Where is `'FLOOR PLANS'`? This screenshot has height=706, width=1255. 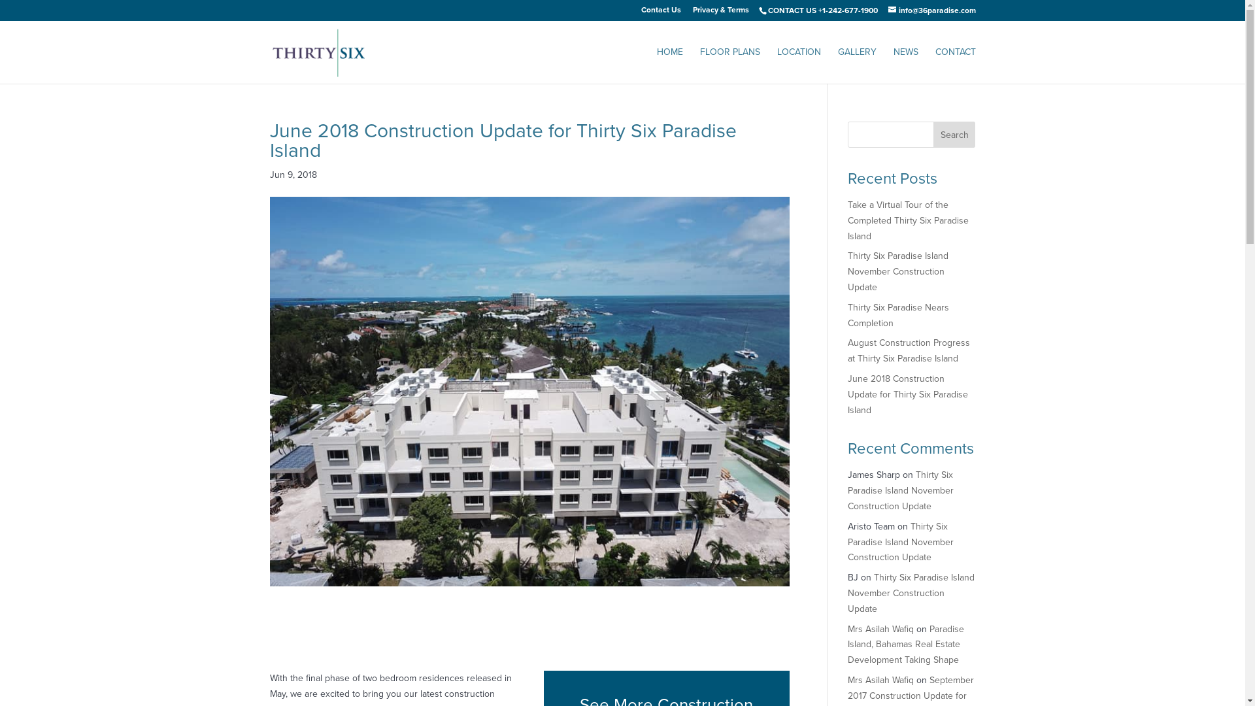
'FLOOR PLANS' is located at coordinates (729, 65).